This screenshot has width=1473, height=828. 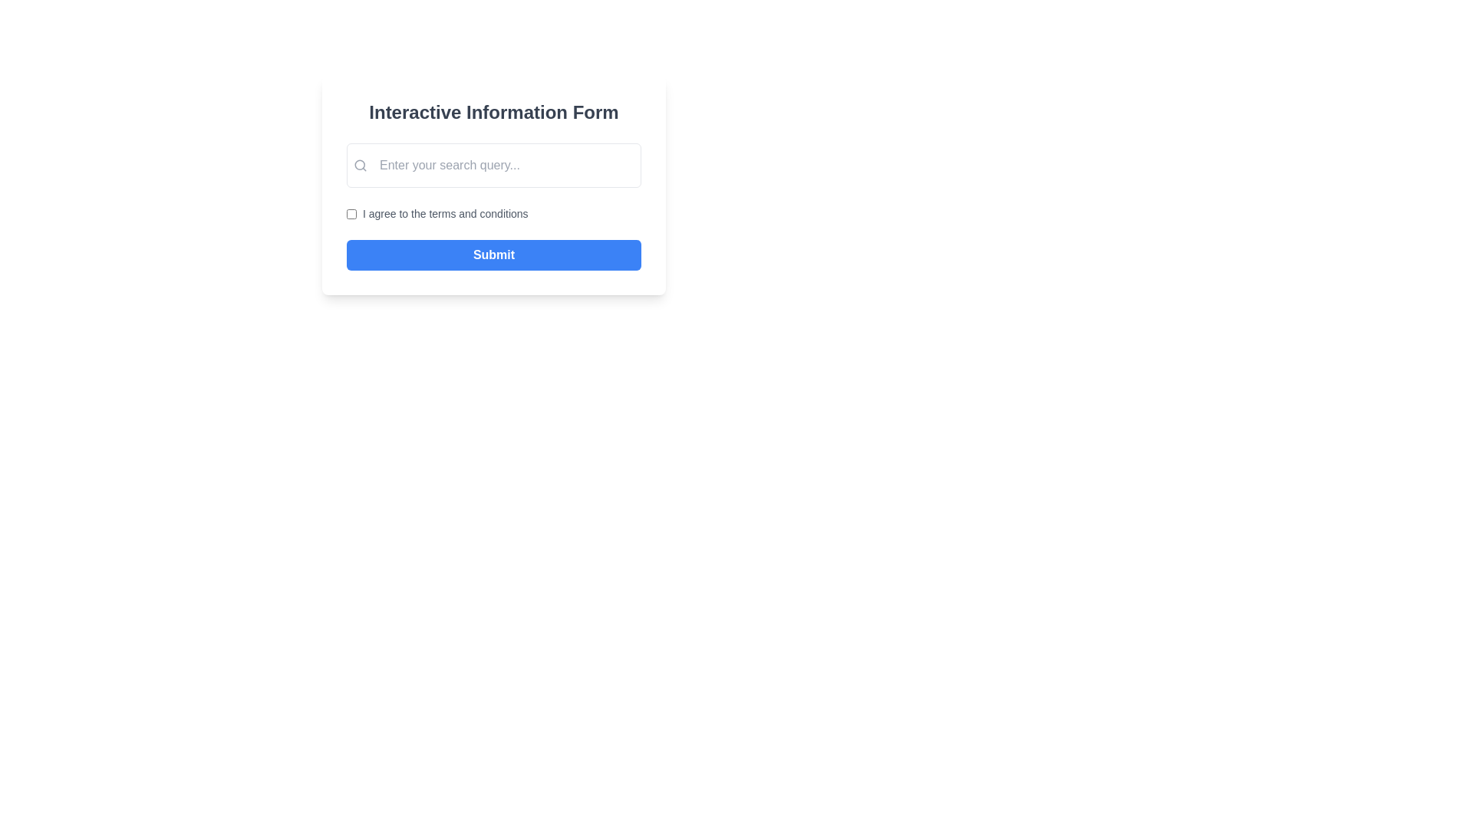 I want to click on on the Text Input Field with placeholder text 'Enter your search query...', so click(x=500, y=166).